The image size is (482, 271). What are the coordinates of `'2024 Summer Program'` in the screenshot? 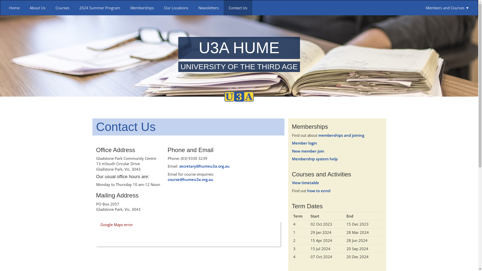 It's located at (100, 8).